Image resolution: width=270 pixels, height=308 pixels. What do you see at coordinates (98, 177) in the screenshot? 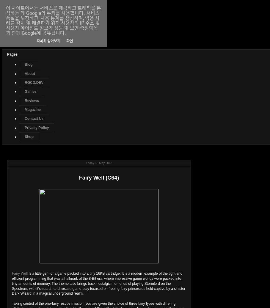
I see `'Fairy Well (C64)'` at bounding box center [98, 177].